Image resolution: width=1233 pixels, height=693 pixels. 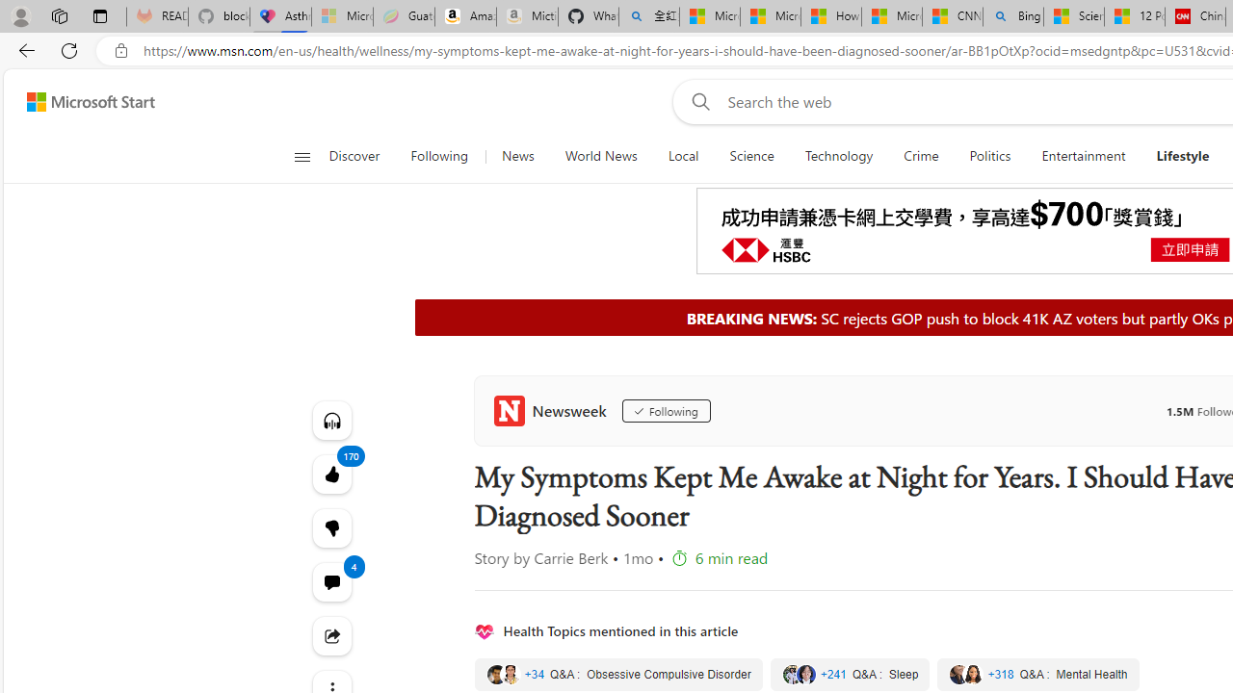 I want to click on '170 Like', so click(x=331, y=474).